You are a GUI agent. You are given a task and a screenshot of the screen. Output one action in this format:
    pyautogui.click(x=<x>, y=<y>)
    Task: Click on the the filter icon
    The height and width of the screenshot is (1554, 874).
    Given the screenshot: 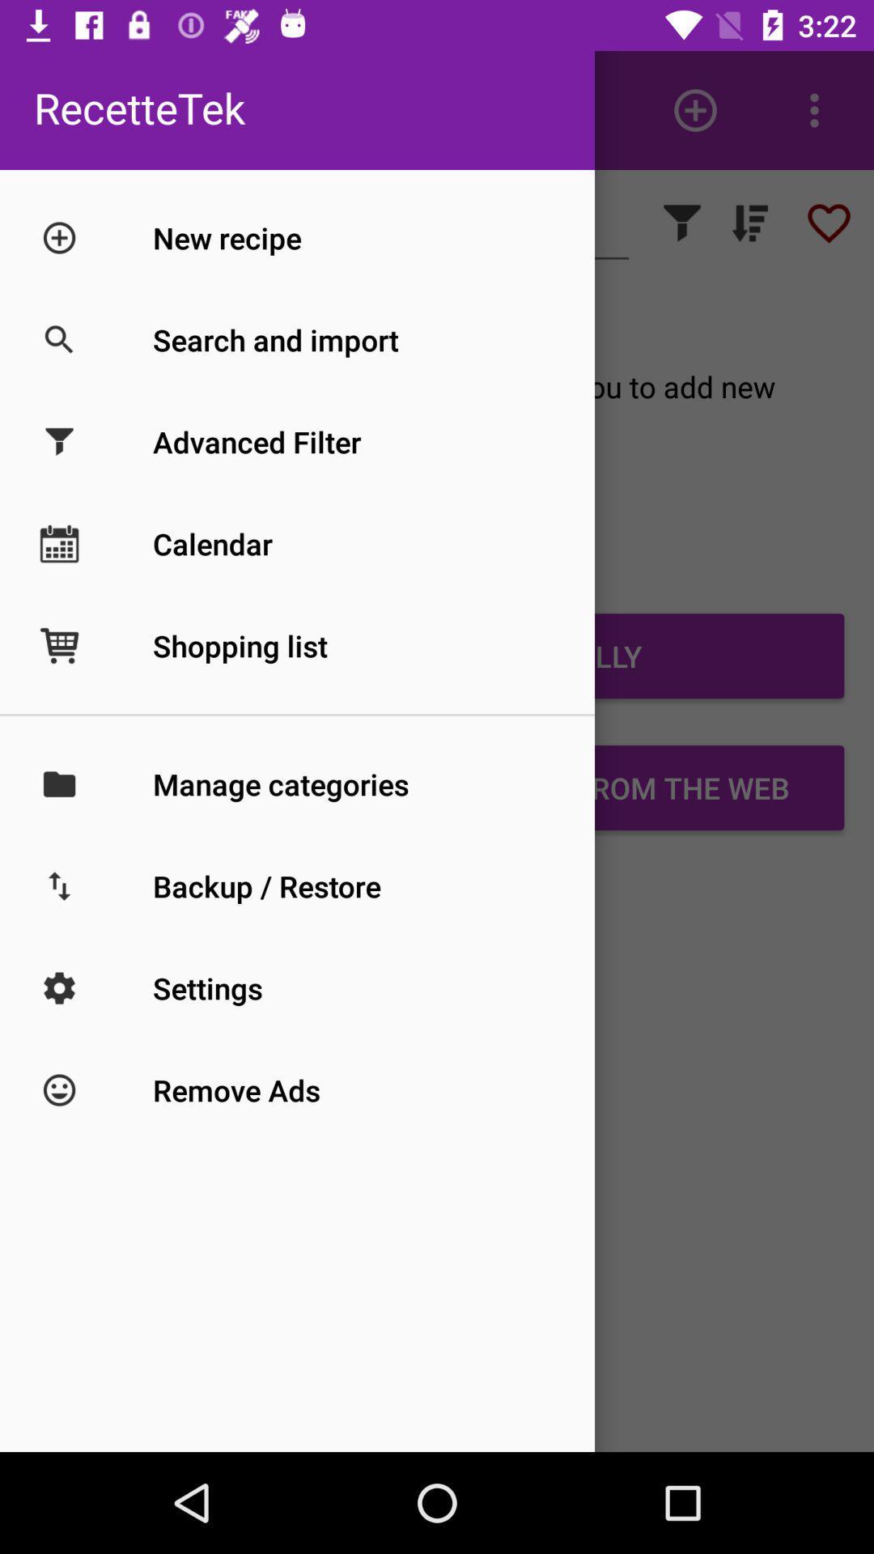 What is the action you would take?
    pyautogui.click(x=682, y=222)
    